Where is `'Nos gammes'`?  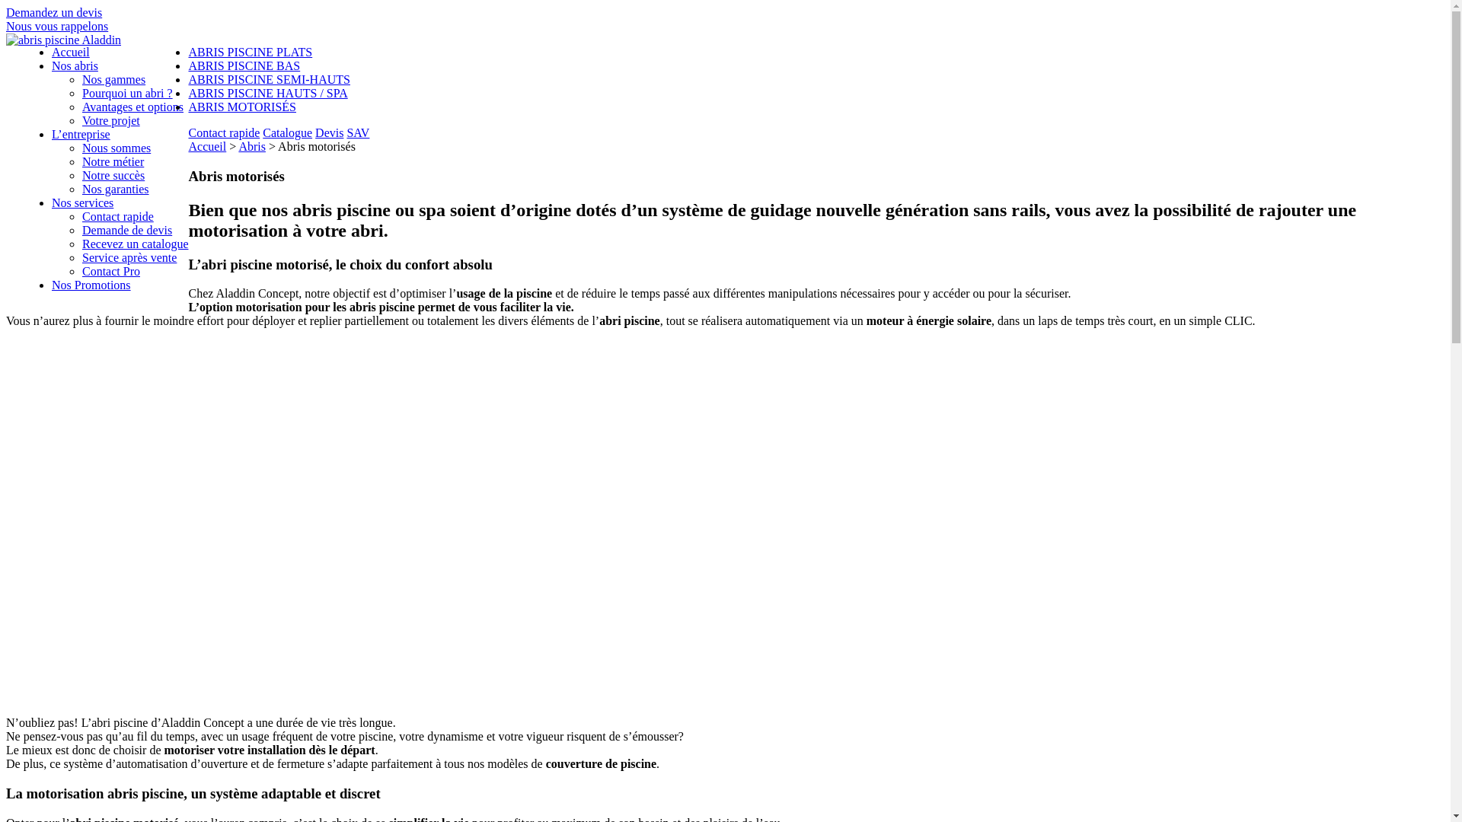 'Nos gammes' is located at coordinates (113, 79).